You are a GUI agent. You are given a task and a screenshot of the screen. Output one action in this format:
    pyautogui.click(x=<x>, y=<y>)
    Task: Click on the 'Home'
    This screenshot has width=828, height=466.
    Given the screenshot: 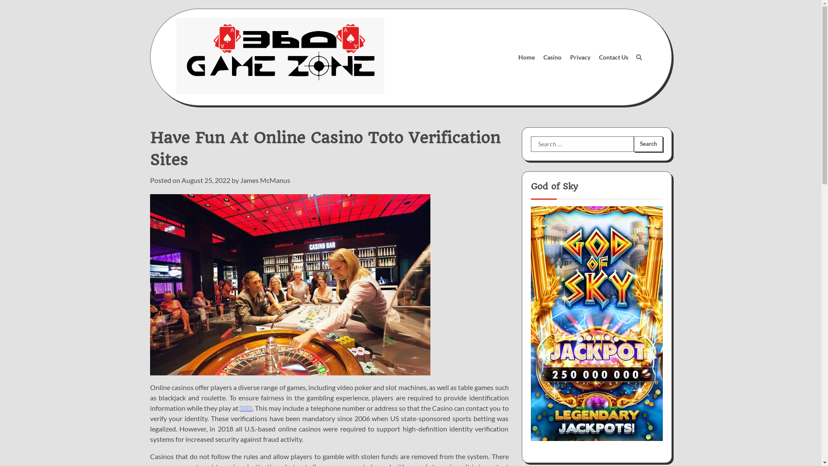 What is the action you would take?
    pyautogui.click(x=526, y=57)
    